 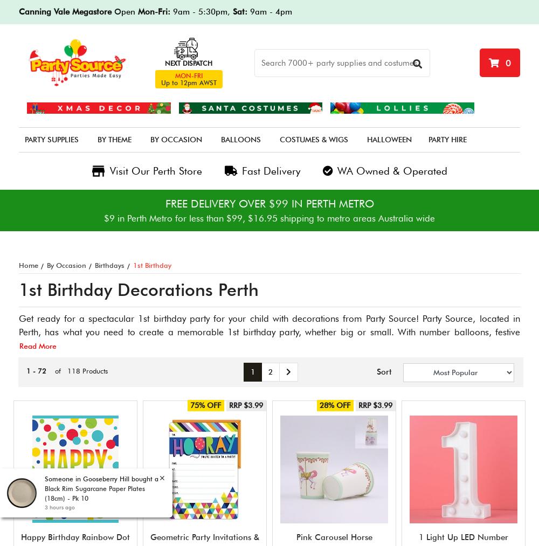 I want to click on '3 hours ago', so click(x=50, y=507).